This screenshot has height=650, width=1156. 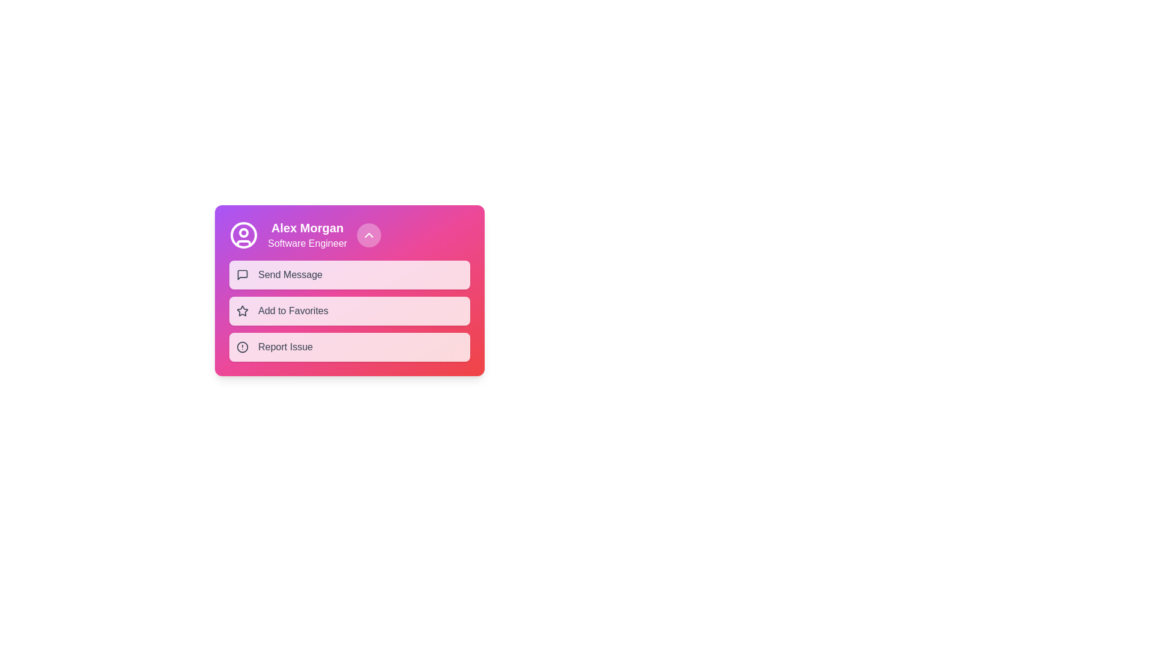 What do you see at coordinates (307, 227) in the screenshot?
I see `the bold label displaying the name 'Alex Morgan', which is styled with white text on a gradient background and positioned at the top-left section of the card component` at bounding box center [307, 227].